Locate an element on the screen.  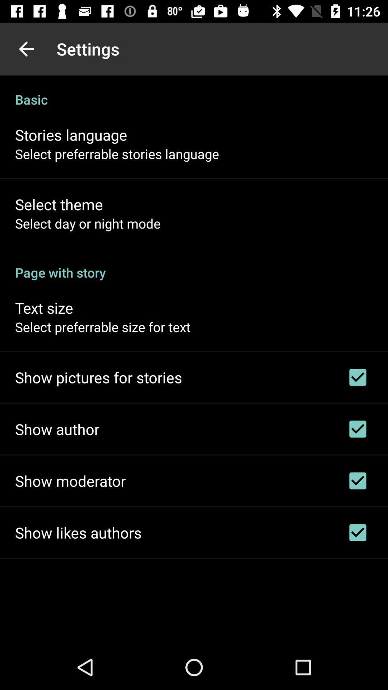
the select theme item is located at coordinates (59, 204).